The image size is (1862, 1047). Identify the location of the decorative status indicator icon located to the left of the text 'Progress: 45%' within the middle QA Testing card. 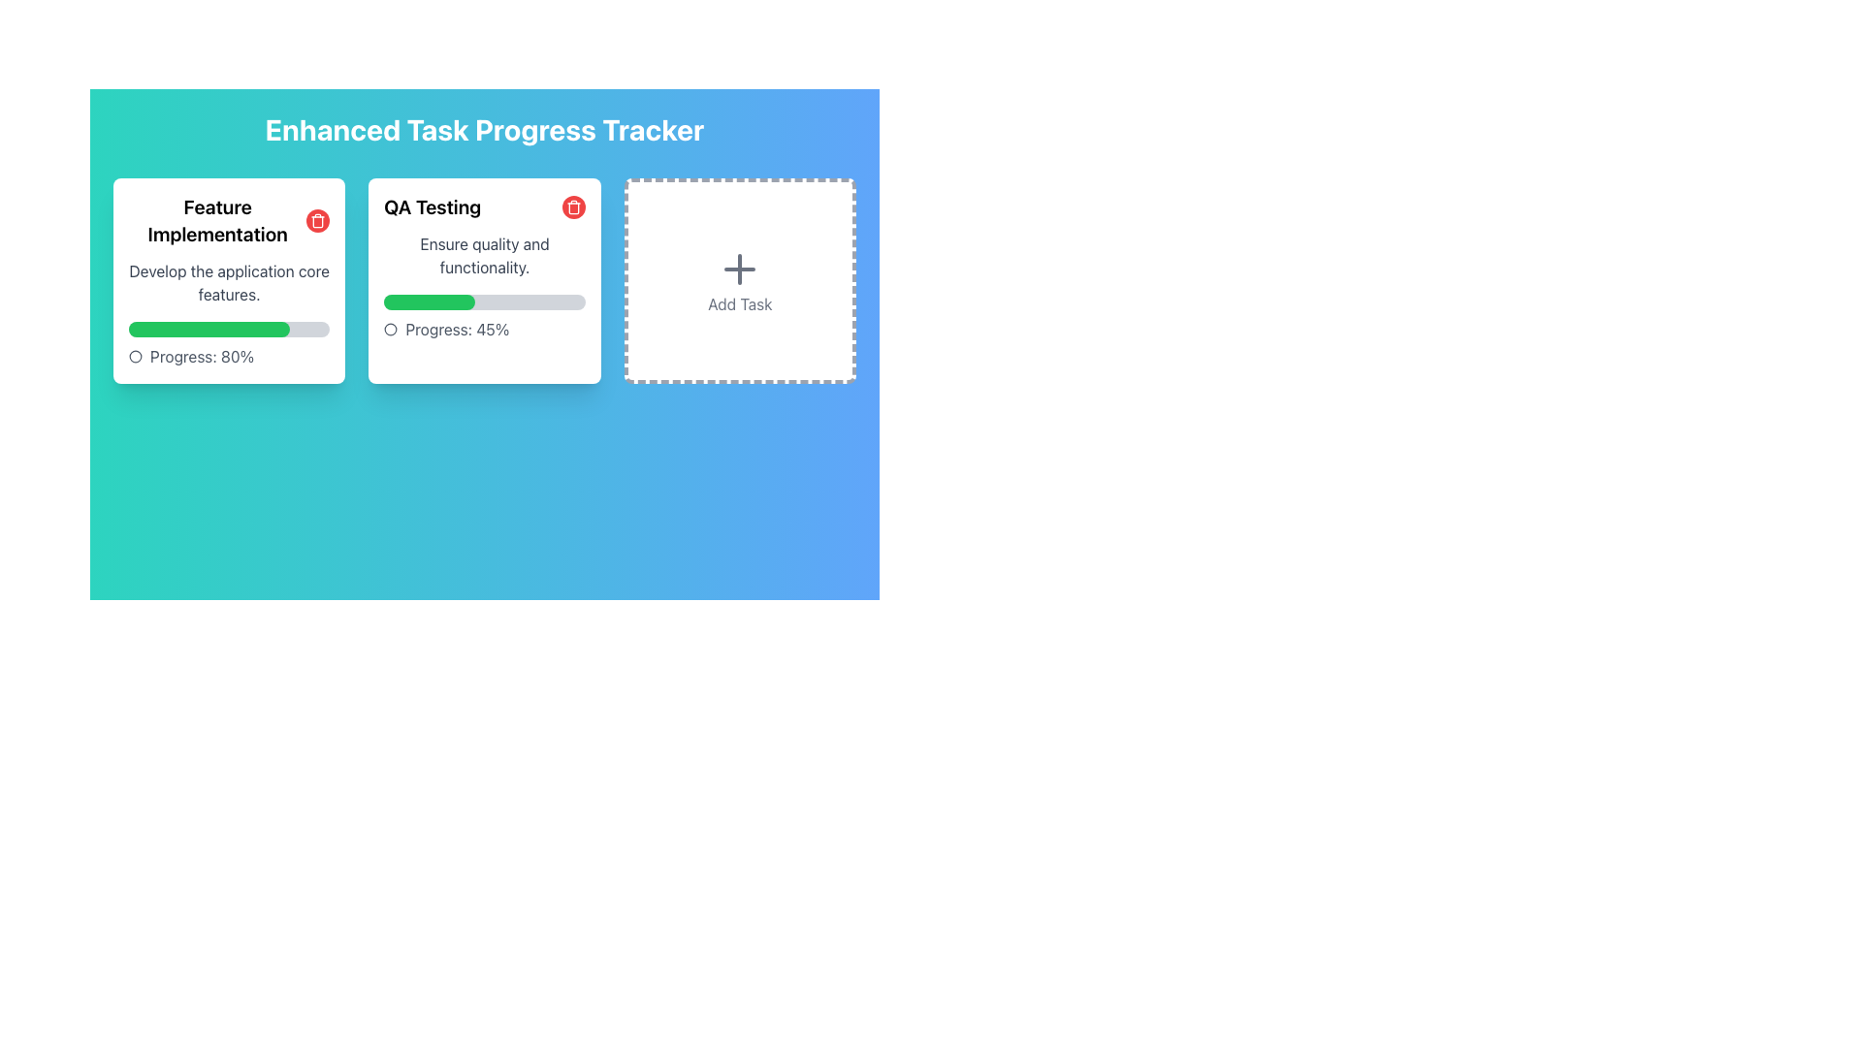
(390, 328).